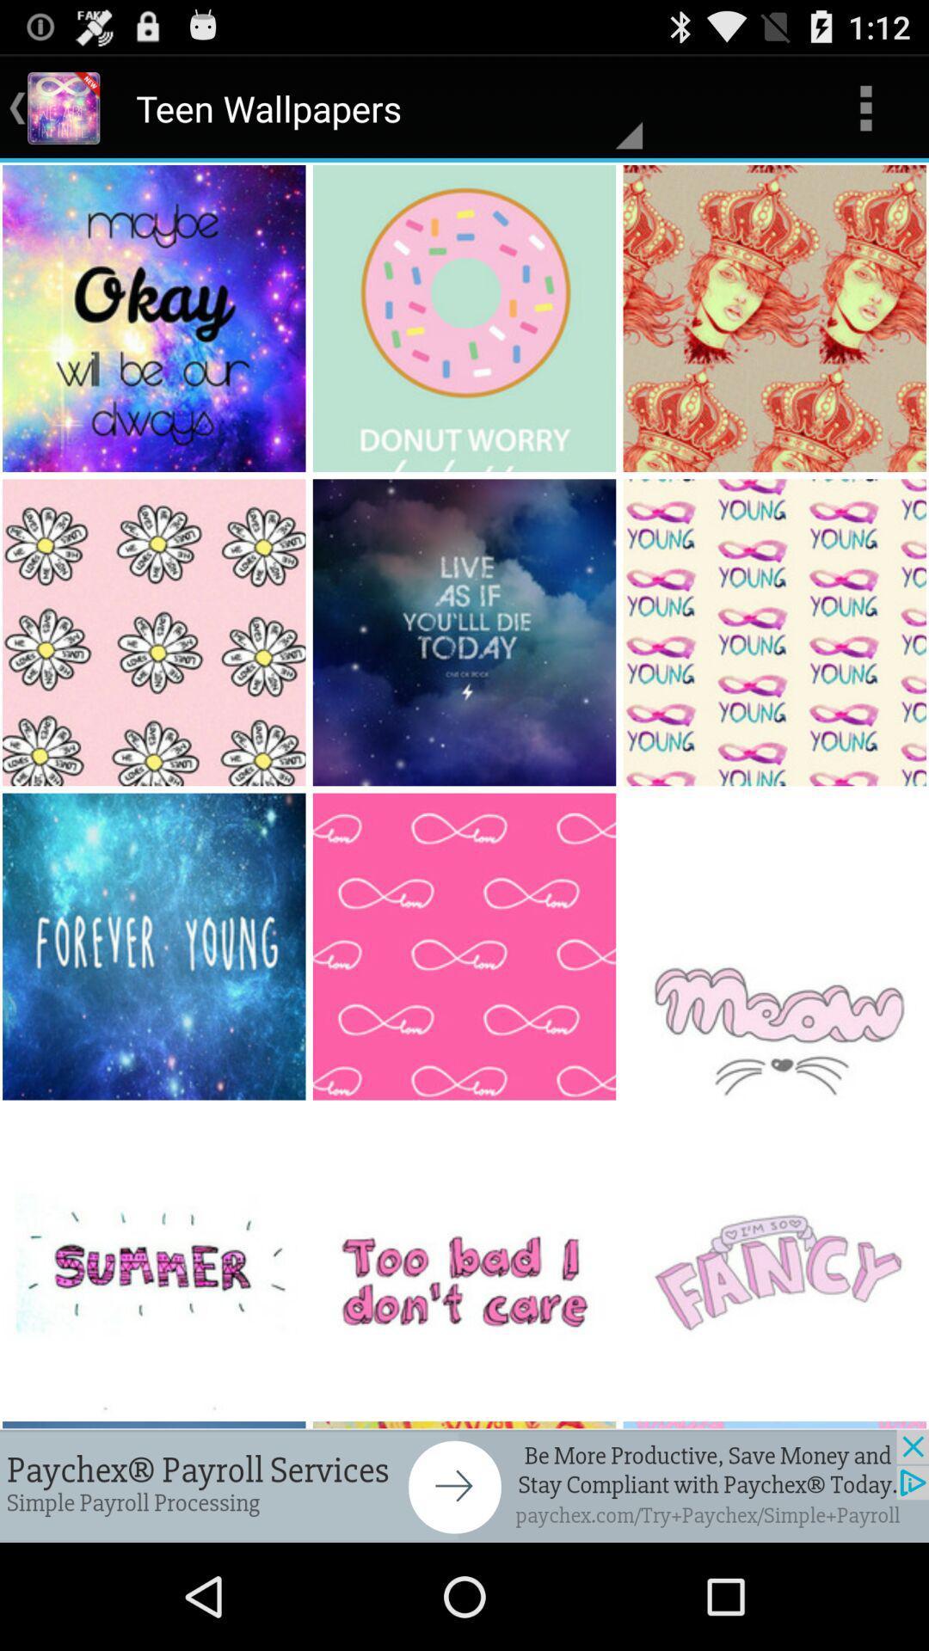  What do you see at coordinates (465, 946) in the screenshot?
I see `second image in third row from left` at bounding box center [465, 946].